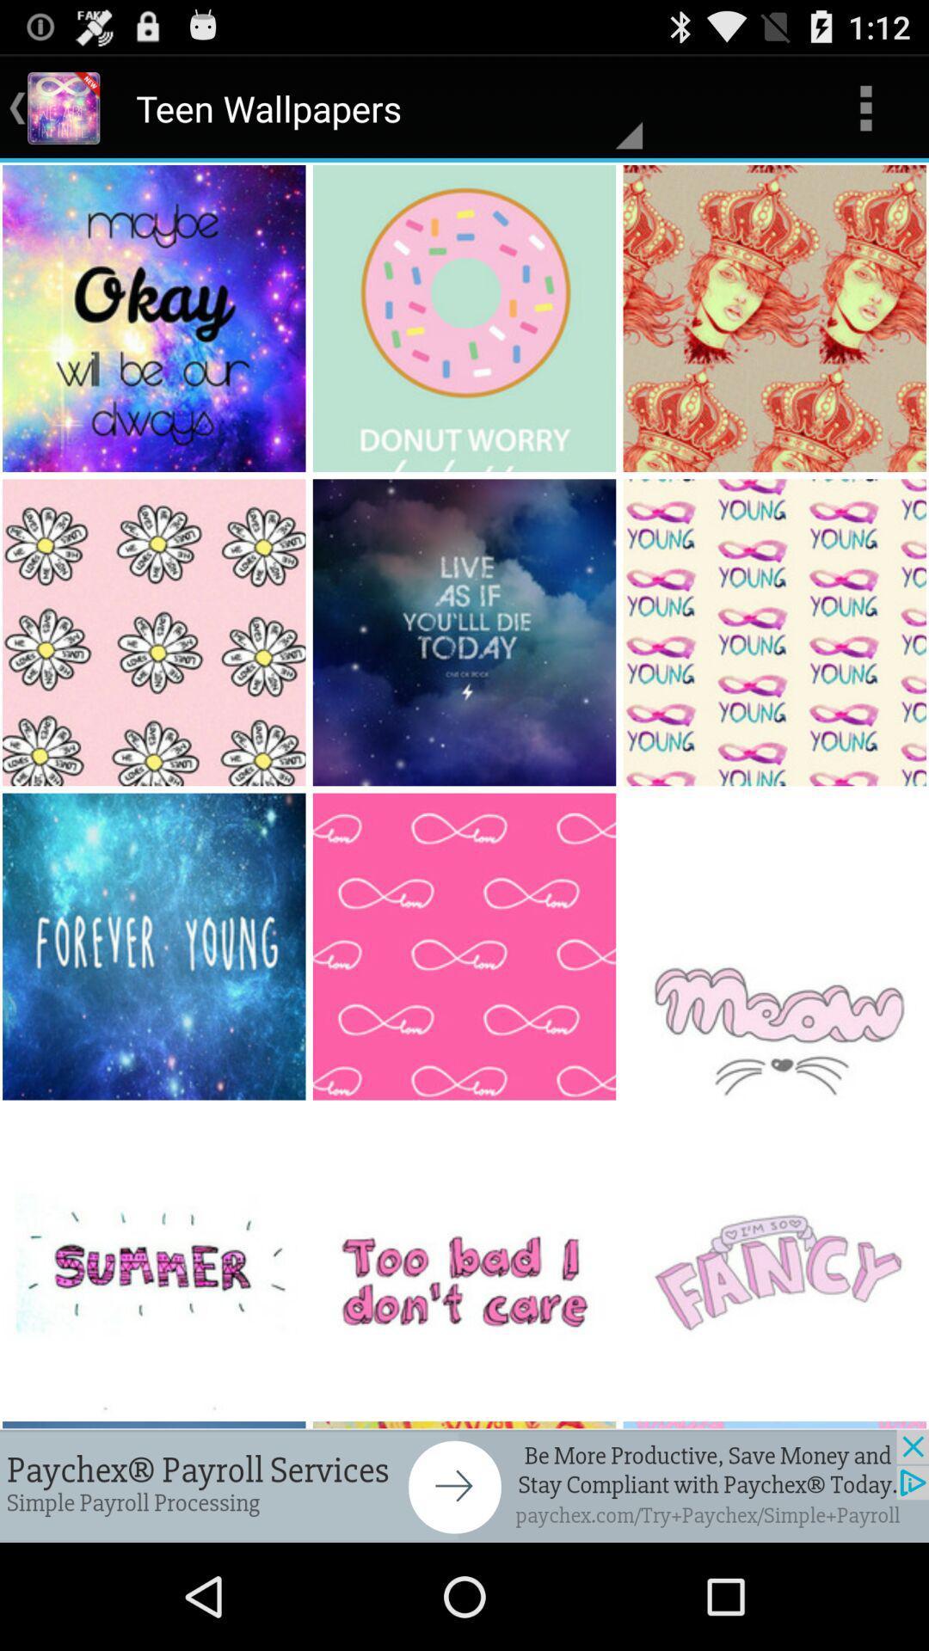  What do you see at coordinates (465, 946) in the screenshot?
I see `second image in third row from left` at bounding box center [465, 946].